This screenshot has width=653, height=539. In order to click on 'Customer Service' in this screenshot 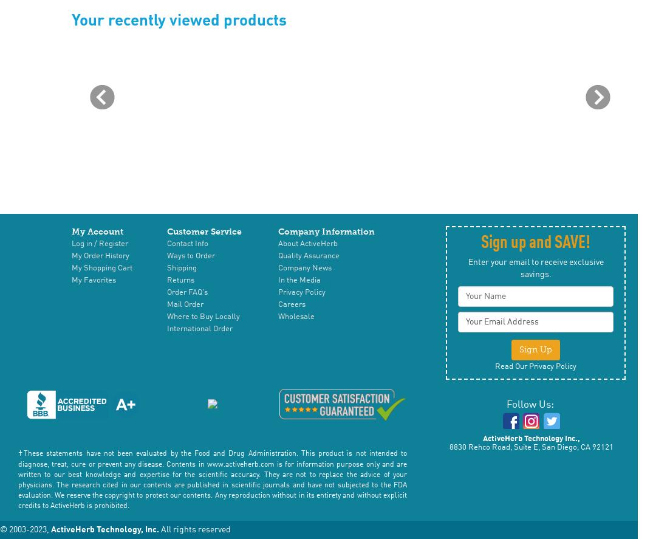, I will do `click(203, 230)`.